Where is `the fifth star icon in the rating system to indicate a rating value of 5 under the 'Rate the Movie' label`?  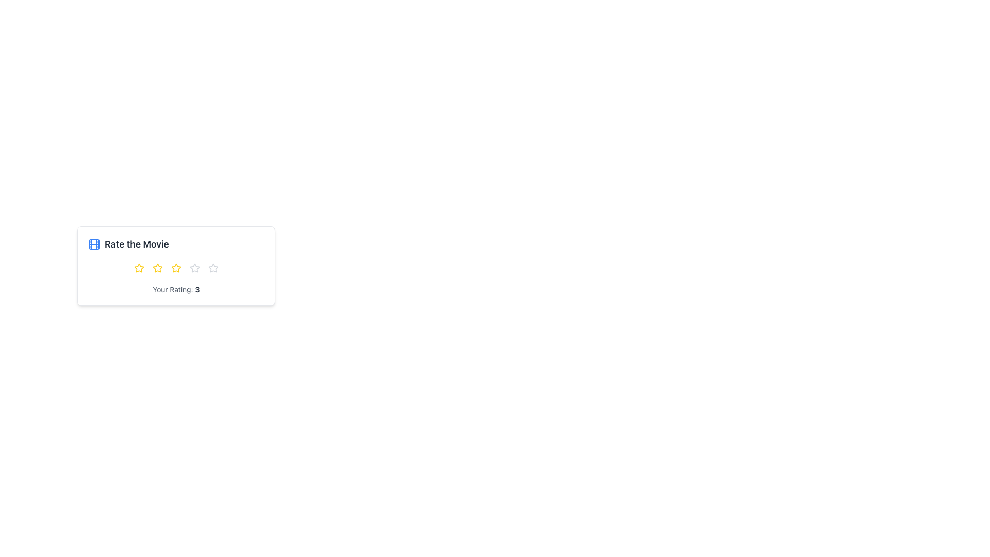 the fifth star icon in the rating system to indicate a rating value of 5 under the 'Rate the Movie' label is located at coordinates (212, 268).